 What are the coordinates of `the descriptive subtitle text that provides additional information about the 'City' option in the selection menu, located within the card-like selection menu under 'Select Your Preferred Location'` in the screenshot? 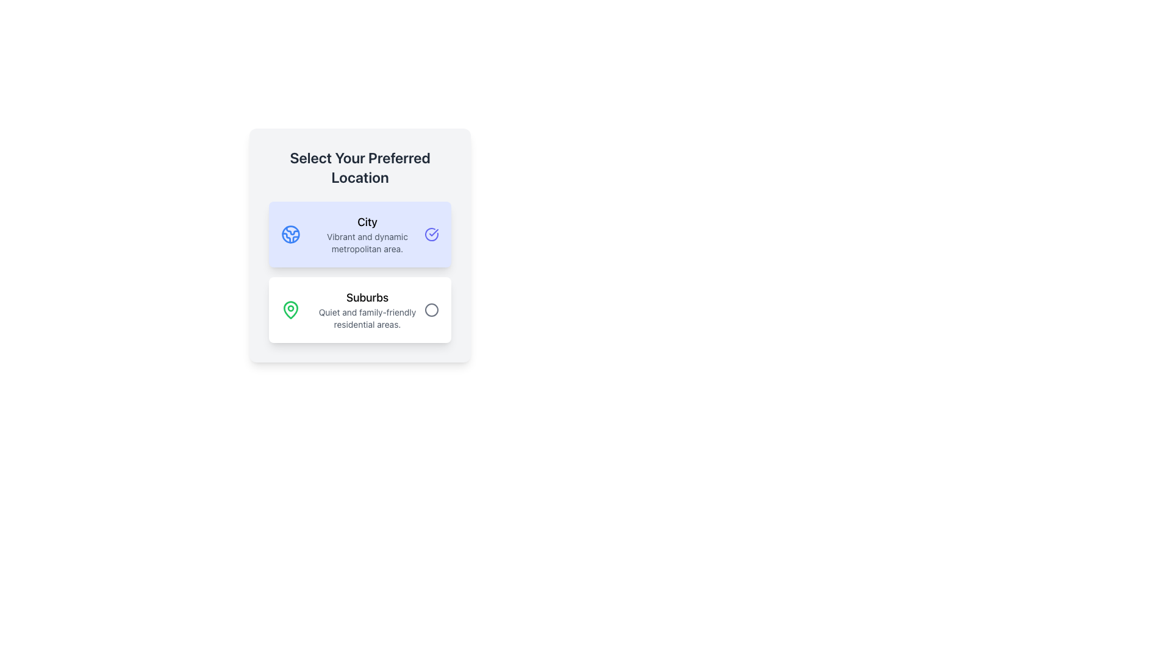 It's located at (367, 242).